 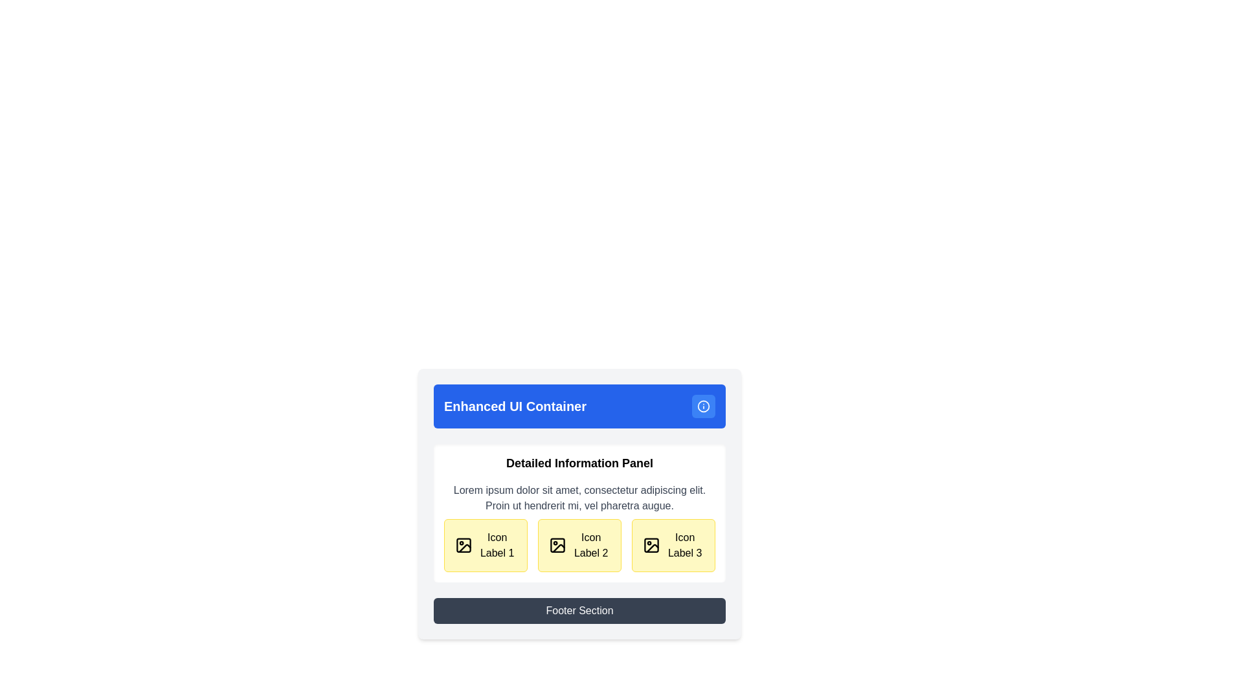 I want to click on the decorative icon associated with the text label 'Icon Label 1' in the 'Detailed Information Panel' section, so click(x=464, y=546).